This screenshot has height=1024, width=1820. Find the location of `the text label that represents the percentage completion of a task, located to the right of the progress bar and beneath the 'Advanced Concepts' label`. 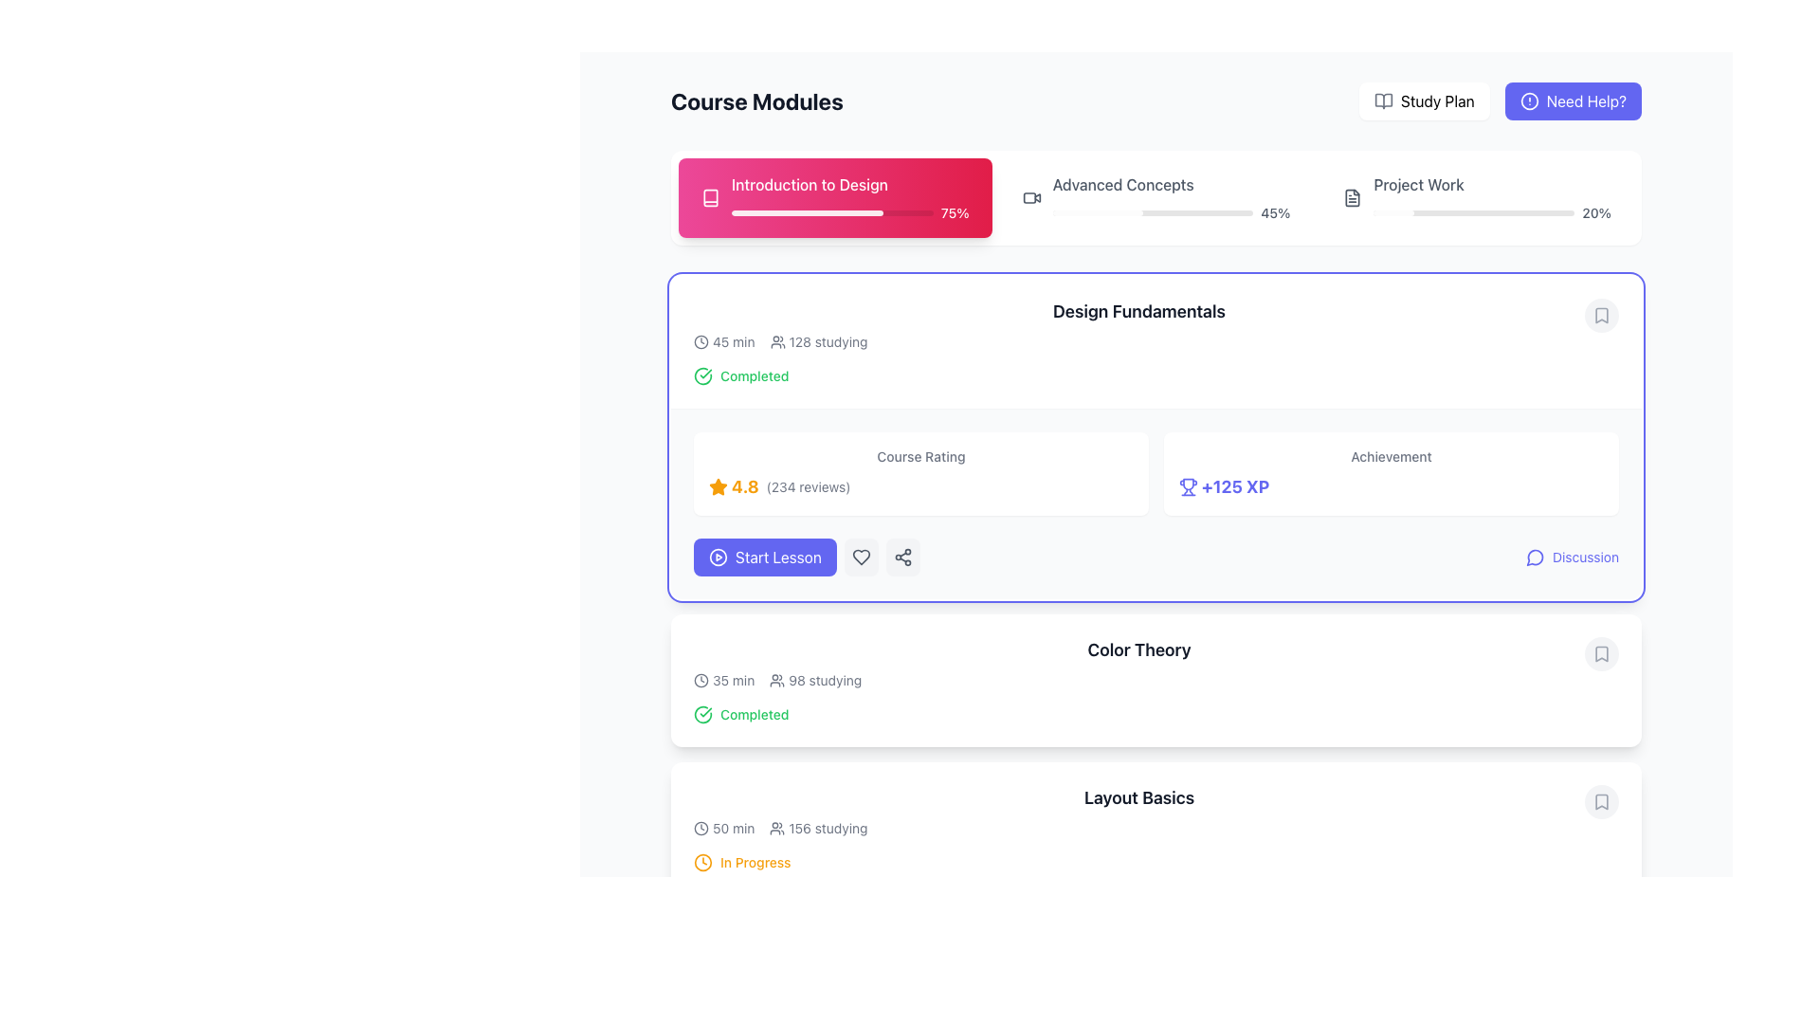

the text label that represents the percentage completion of a task, located to the right of the progress bar and beneath the 'Advanced Concepts' label is located at coordinates (1275, 212).